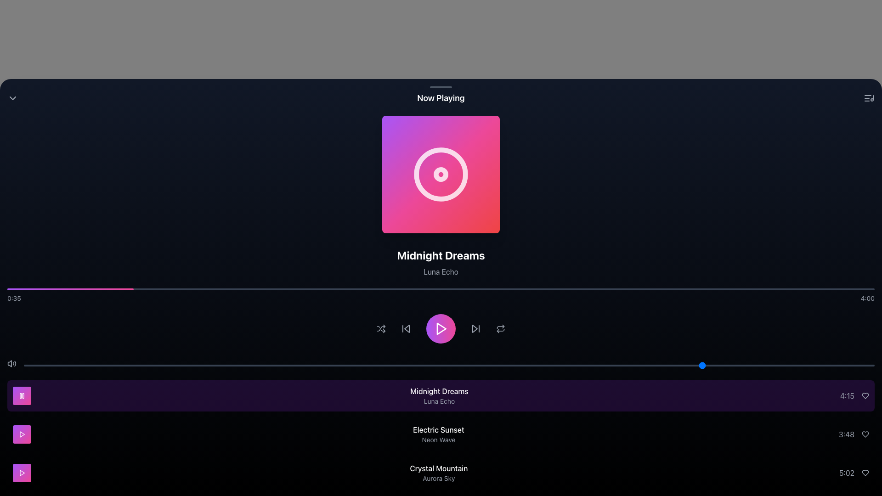  What do you see at coordinates (865, 434) in the screenshot?
I see `the heart icon button located at the last position of the row for the song 'Electric Sunset' to change its color` at bounding box center [865, 434].